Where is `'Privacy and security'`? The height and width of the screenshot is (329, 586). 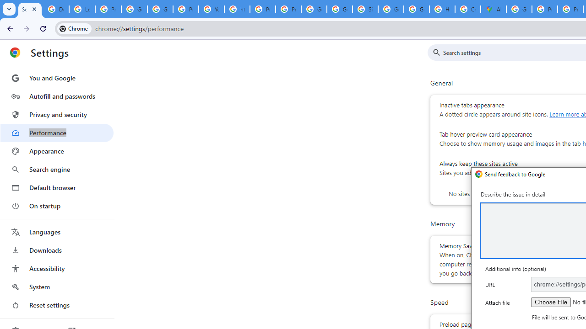 'Privacy and security' is located at coordinates (56, 114).